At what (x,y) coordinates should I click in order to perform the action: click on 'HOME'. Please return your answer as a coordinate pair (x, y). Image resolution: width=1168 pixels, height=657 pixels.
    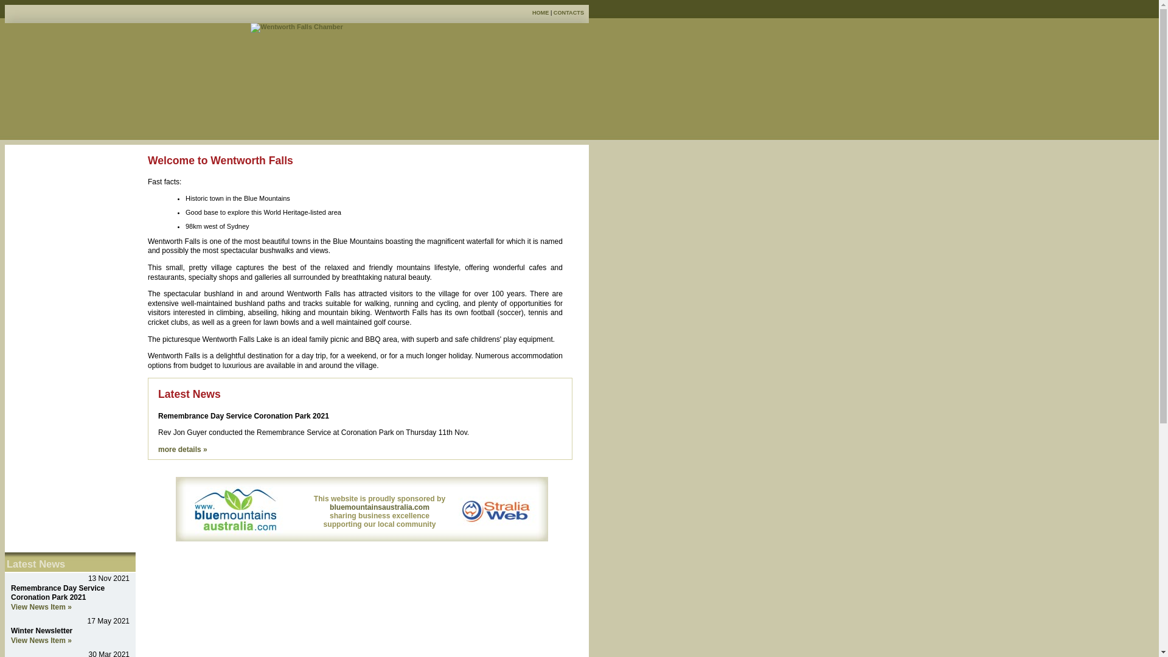
    Looking at the image, I should click on (540, 12).